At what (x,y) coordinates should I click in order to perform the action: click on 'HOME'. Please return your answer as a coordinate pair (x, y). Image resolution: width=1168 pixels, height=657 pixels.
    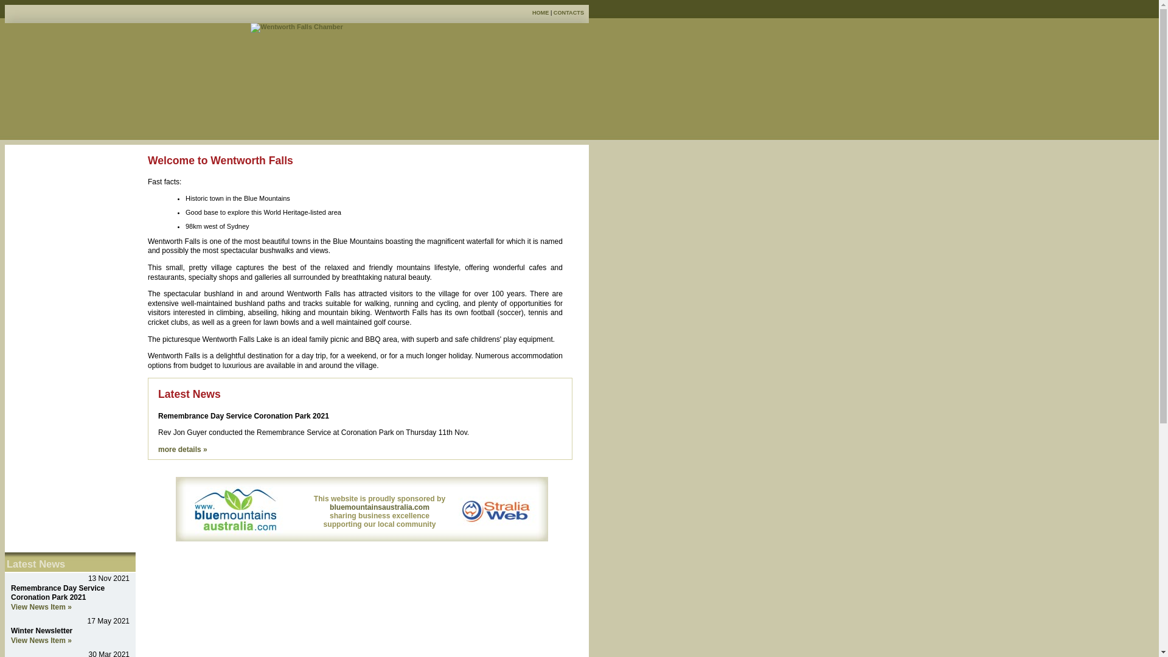
    Looking at the image, I should click on (540, 12).